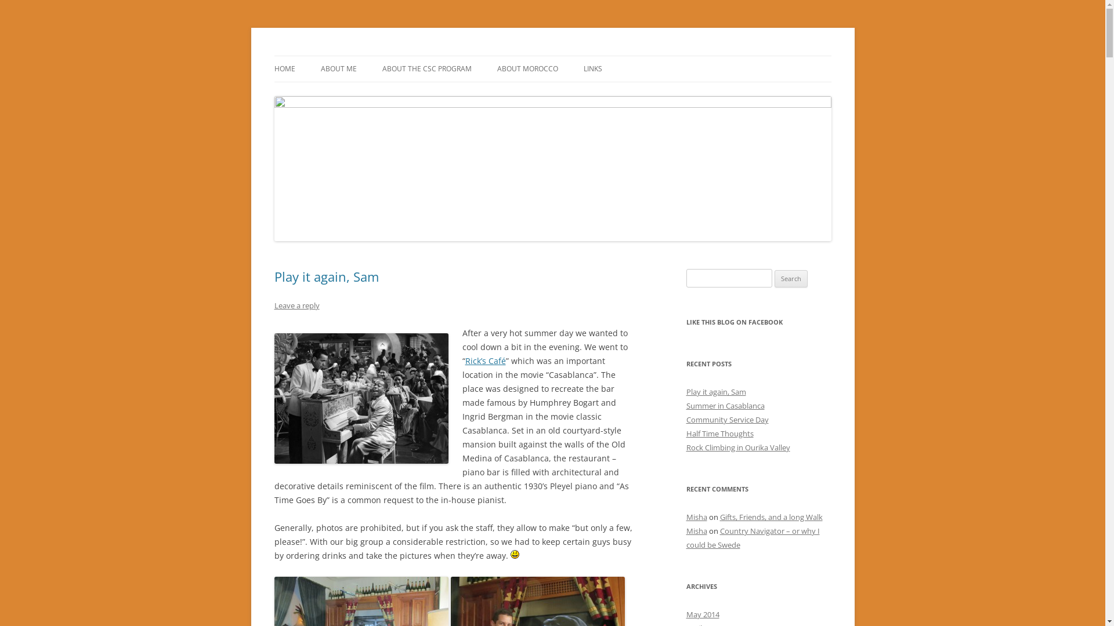 This screenshot has width=1114, height=626. I want to click on 'Search', so click(790, 279).